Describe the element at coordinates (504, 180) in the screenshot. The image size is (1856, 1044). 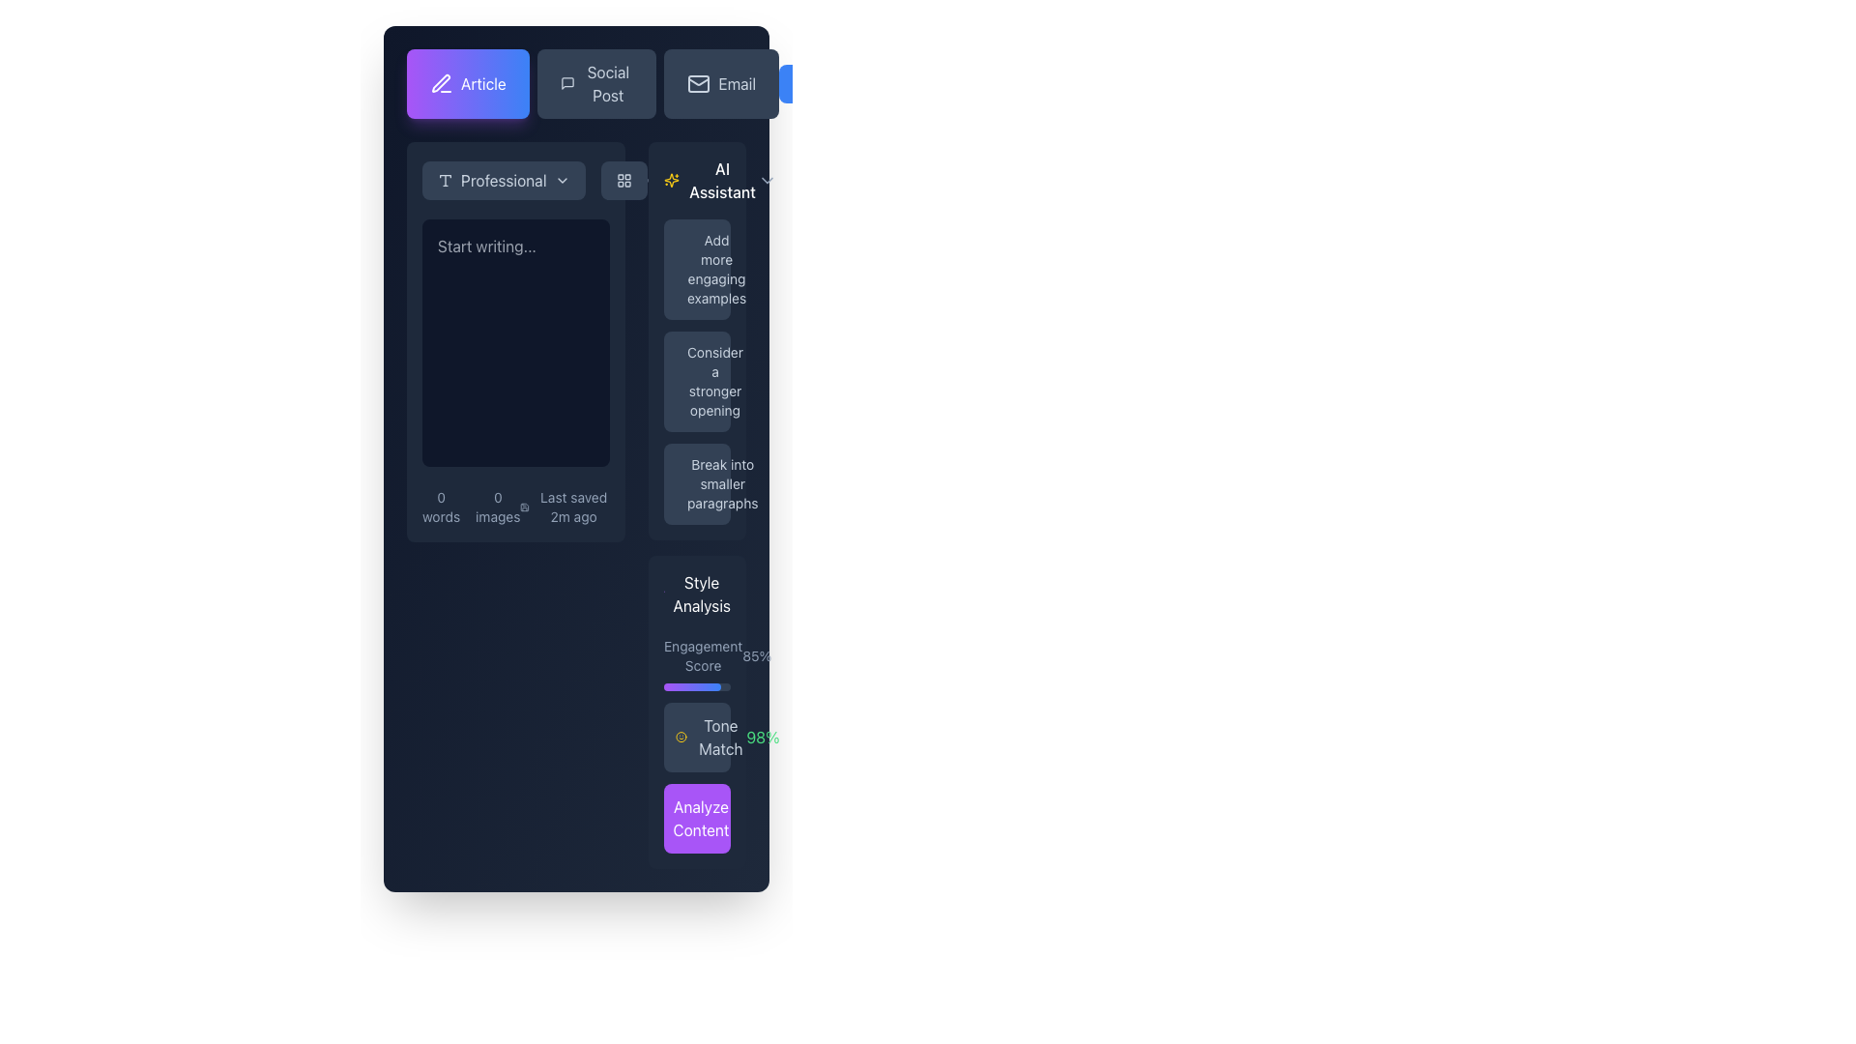
I see `the 'Professional' dropdown menu button located in the upper-left corner of the panel` at that location.